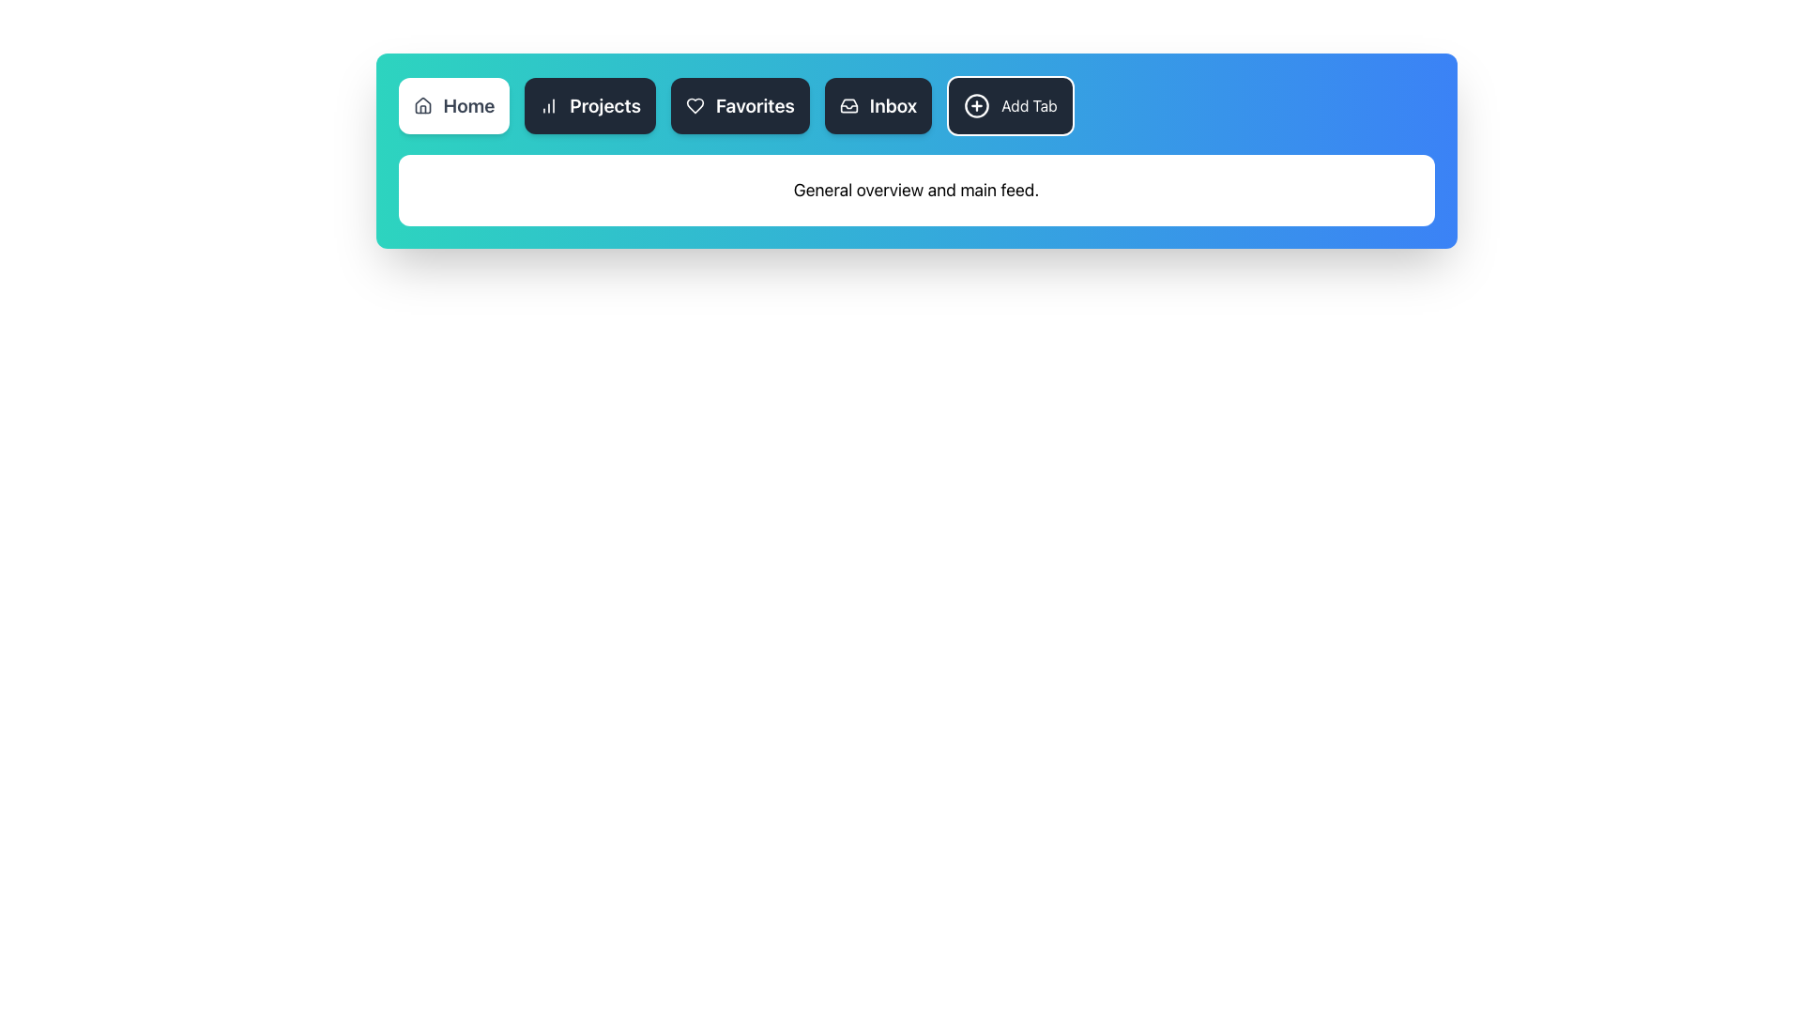 This screenshot has width=1802, height=1014. Describe the element at coordinates (878, 105) in the screenshot. I see `the navigation button located in the fourth position of the horizontal menu bar` at that location.